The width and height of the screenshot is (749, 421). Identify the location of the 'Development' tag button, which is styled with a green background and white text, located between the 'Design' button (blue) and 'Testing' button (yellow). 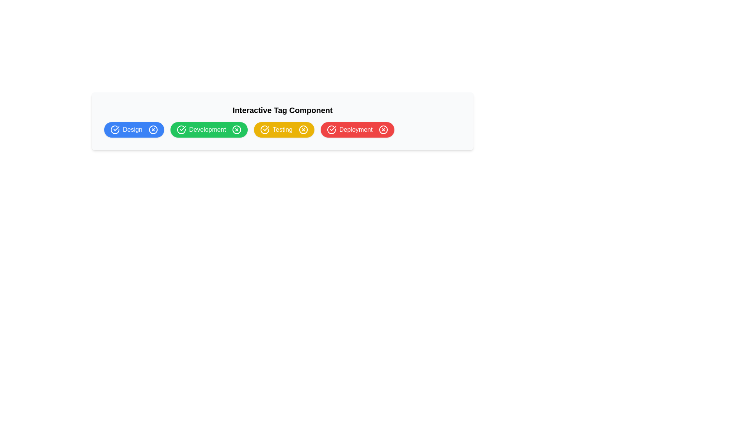
(209, 129).